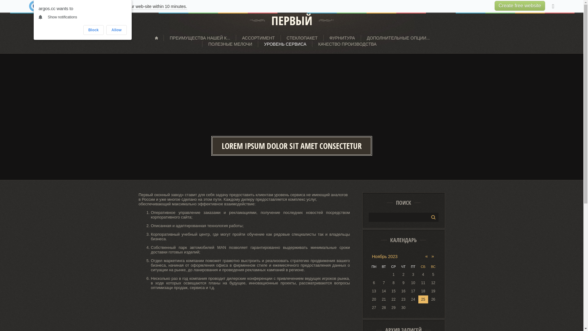 This screenshot has height=331, width=588. What do you see at coordinates (93, 30) in the screenshot?
I see `'Block'` at bounding box center [93, 30].